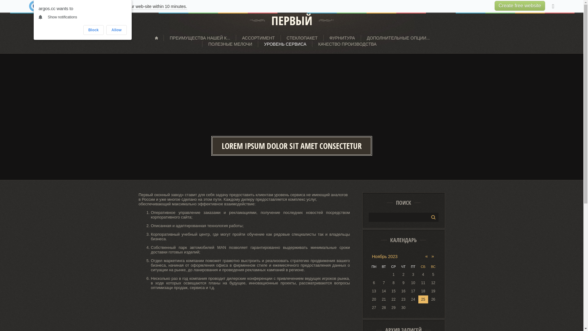 This screenshot has height=331, width=588. What do you see at coordinates (93, 30) in the screenshot?
I see `'Block'` at bounding box center [93, 30].